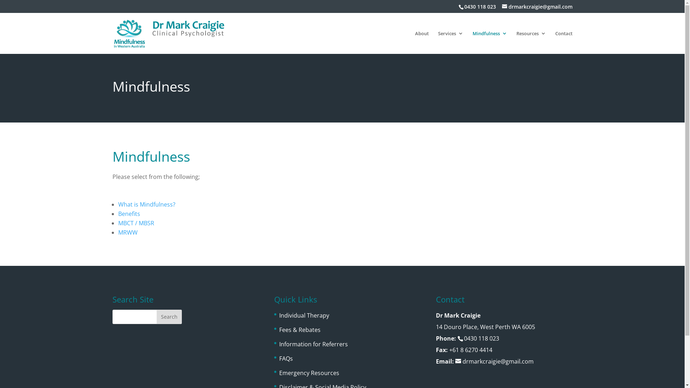  I want to click on 'drmarkcraigie@gmail.com', so click(537, 6).